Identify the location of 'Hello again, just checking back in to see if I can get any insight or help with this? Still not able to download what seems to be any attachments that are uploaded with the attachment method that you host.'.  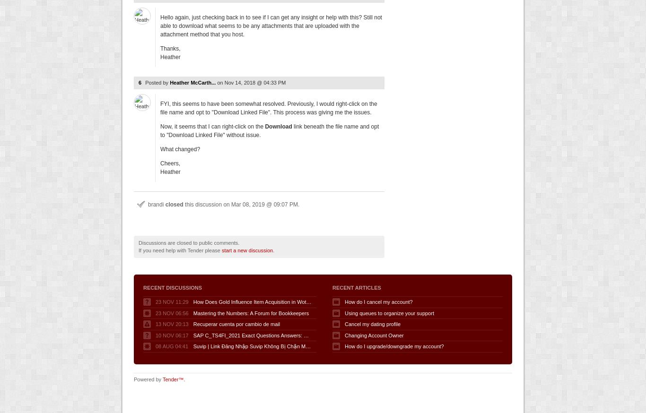
(271, 25).